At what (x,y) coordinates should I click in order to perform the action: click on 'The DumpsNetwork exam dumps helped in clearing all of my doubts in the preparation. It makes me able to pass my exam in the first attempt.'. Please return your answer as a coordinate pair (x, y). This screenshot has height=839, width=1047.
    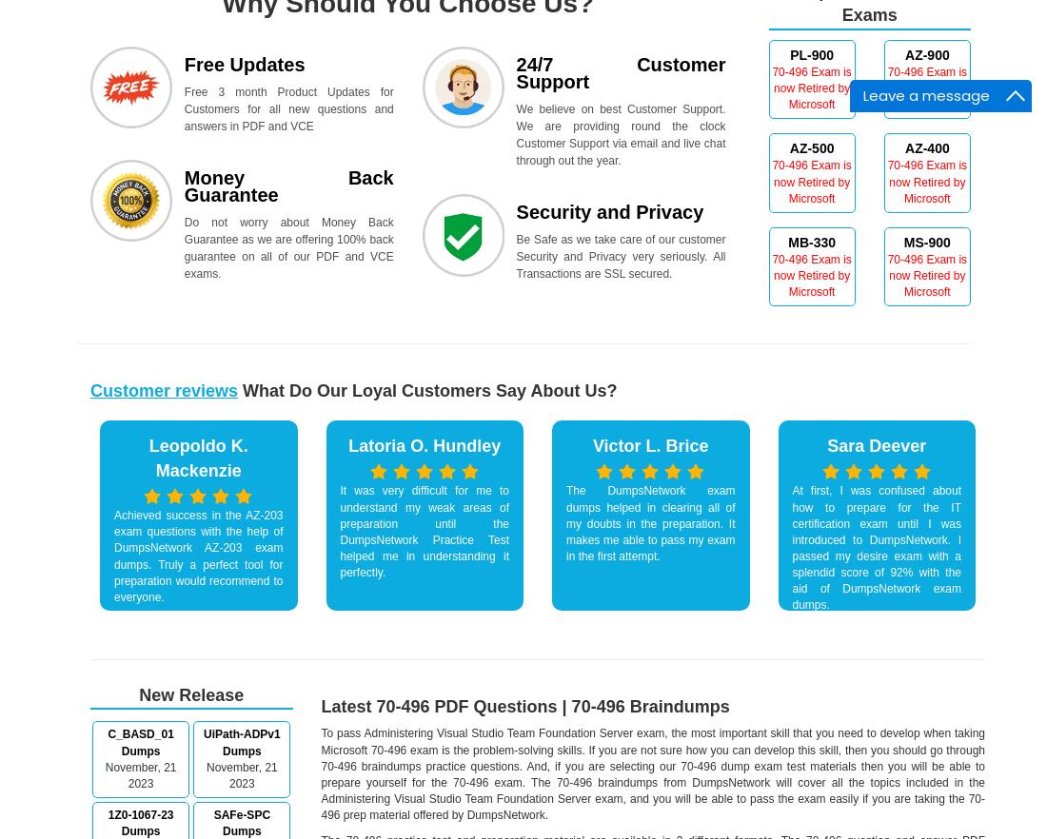
    Looking at the image, I should click on (650, 522).